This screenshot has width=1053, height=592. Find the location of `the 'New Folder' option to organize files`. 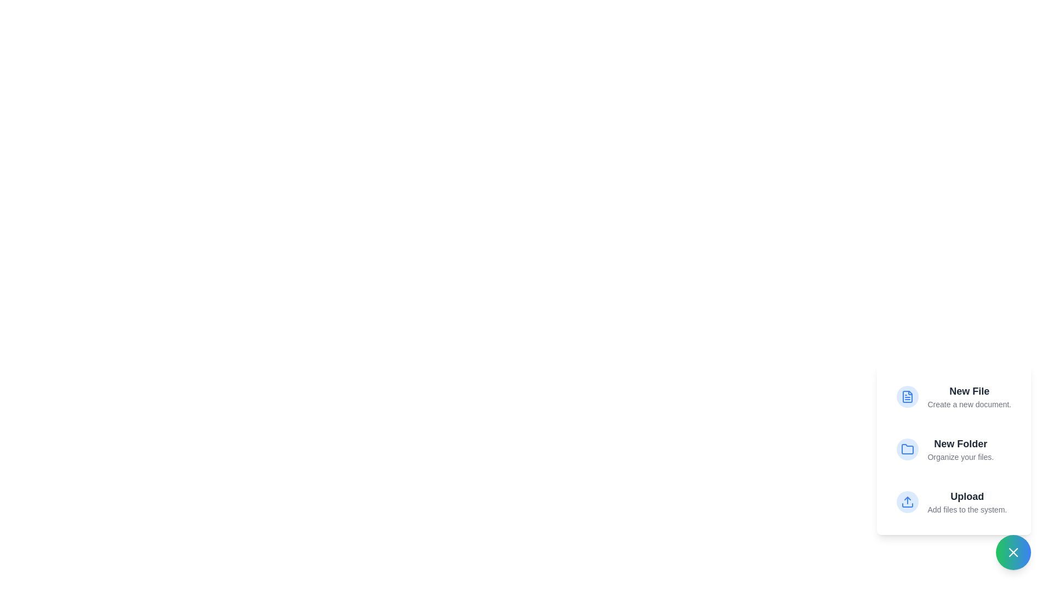

the 'New Folder' option to organize files is located at coordinates (953, 449).